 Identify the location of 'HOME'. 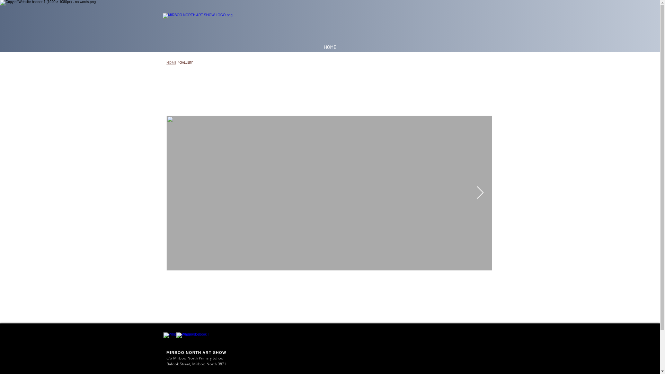
(171, 62).